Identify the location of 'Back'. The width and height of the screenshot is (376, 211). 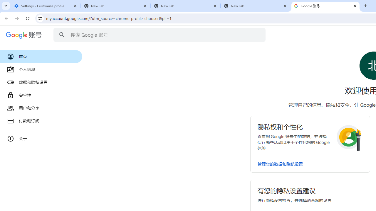
(6, 18).